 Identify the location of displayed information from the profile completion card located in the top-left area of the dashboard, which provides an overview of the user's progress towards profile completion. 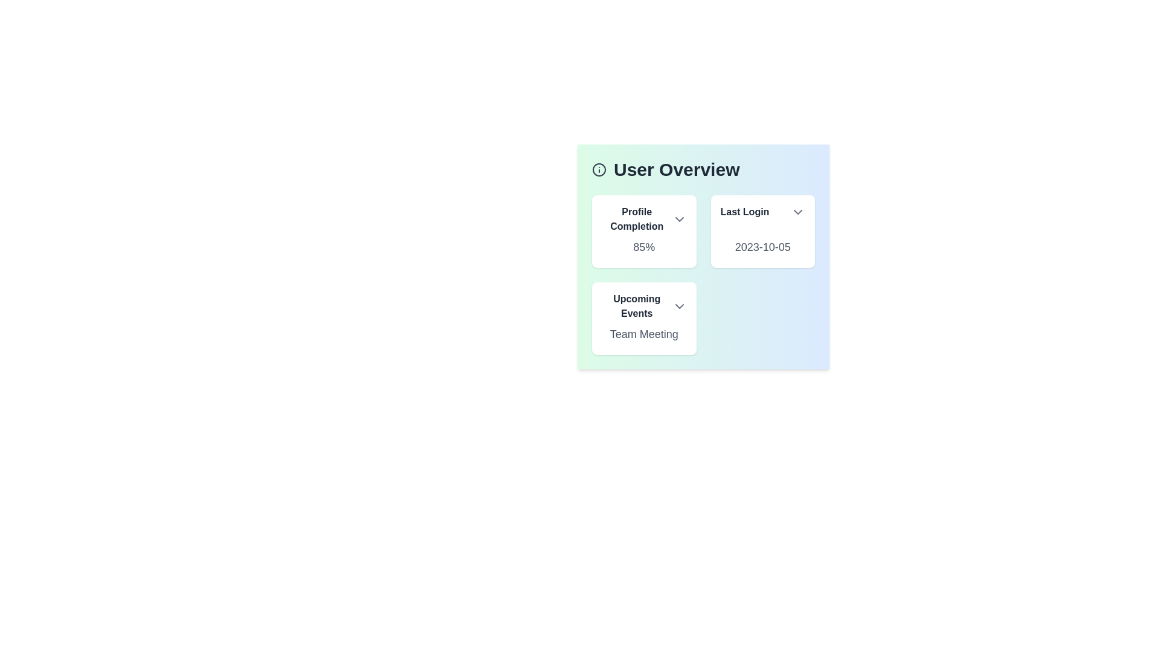
(643, 231).